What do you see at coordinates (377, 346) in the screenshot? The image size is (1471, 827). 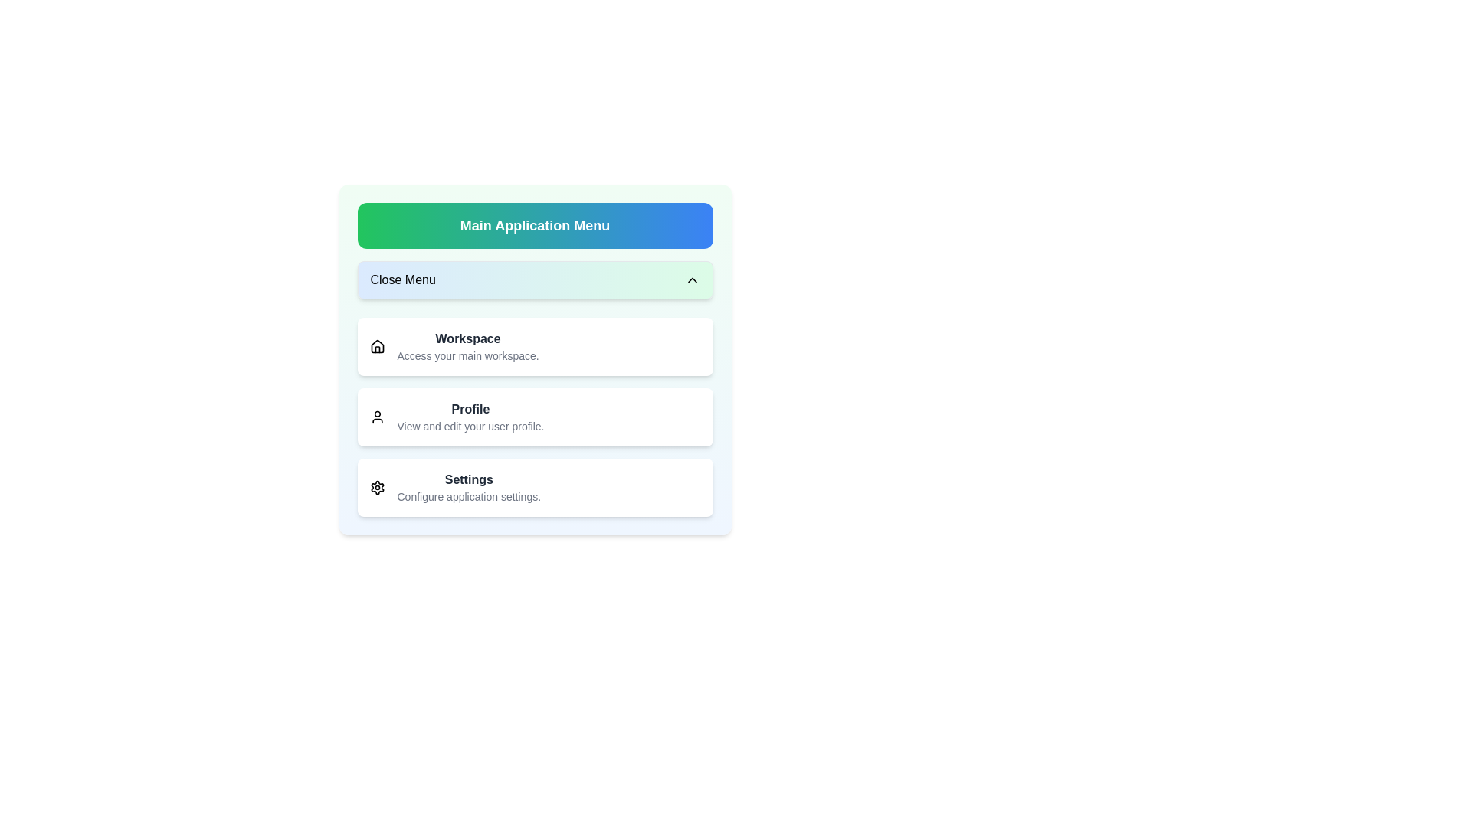 I see `the icon of the Workspace menu item` at bounding box center [377, 346].